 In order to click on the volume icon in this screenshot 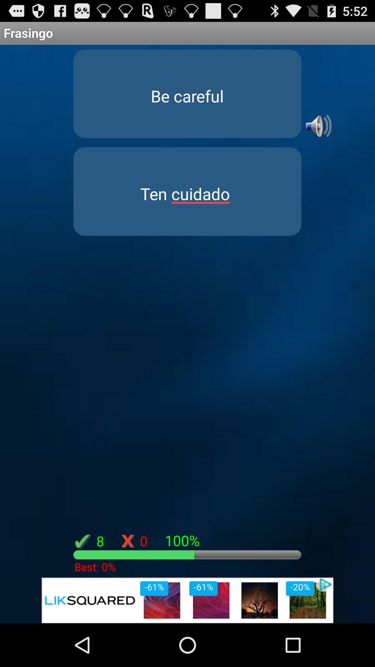, I will do `click(317, 135)`.